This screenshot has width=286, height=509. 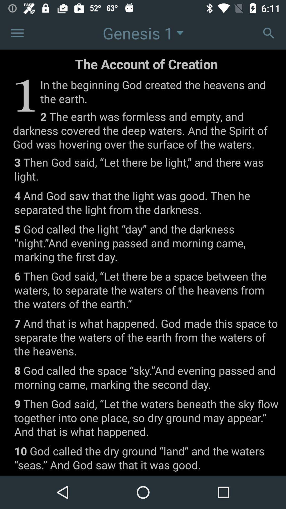 I want to click on the menu icon, so click(x=17, y=33).